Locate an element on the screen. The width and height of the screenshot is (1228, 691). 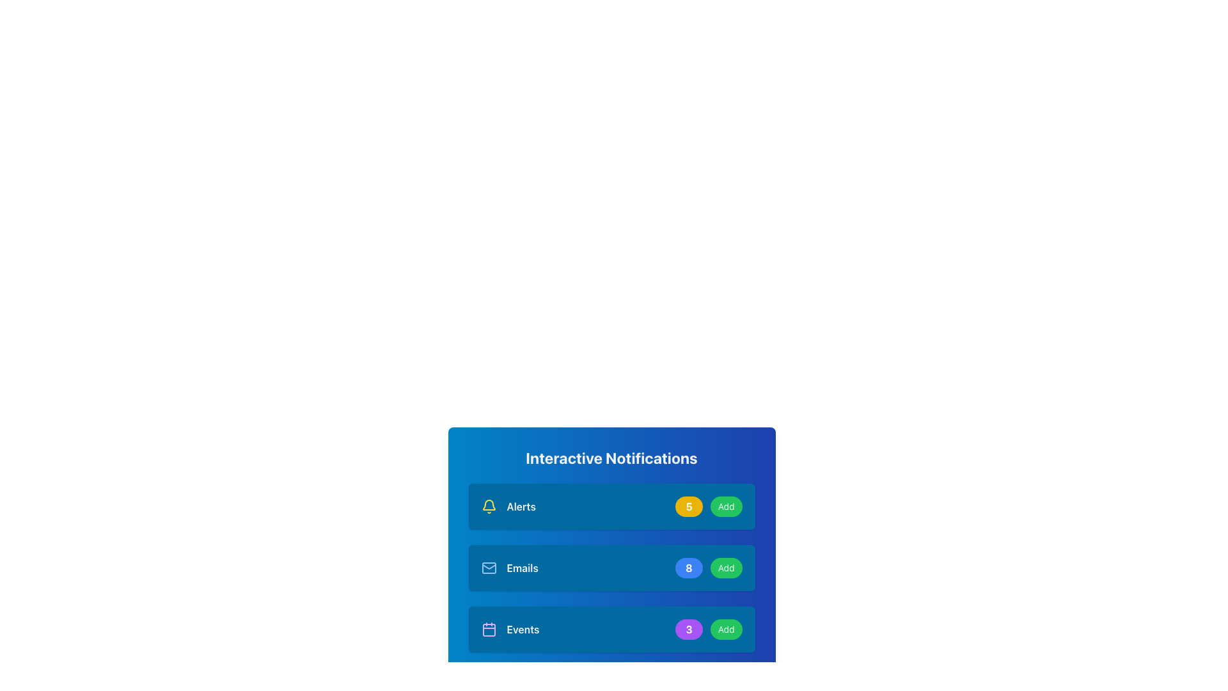
the numerical badge in the 'Interactive Notifications' panel, which indicates alerts and is located adjacent to the 'Alerts' label and to the left of the green 'Add' button is located at coordinates (688, 505).